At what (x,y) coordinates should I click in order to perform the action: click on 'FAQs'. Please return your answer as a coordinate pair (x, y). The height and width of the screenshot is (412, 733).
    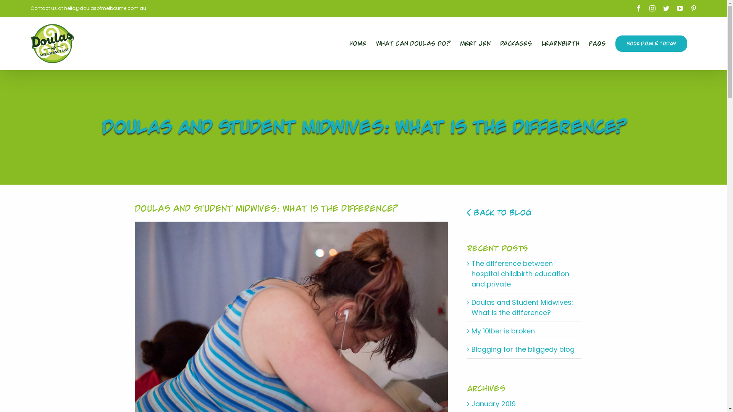
    Looking at the image, I should click on (597, 43).